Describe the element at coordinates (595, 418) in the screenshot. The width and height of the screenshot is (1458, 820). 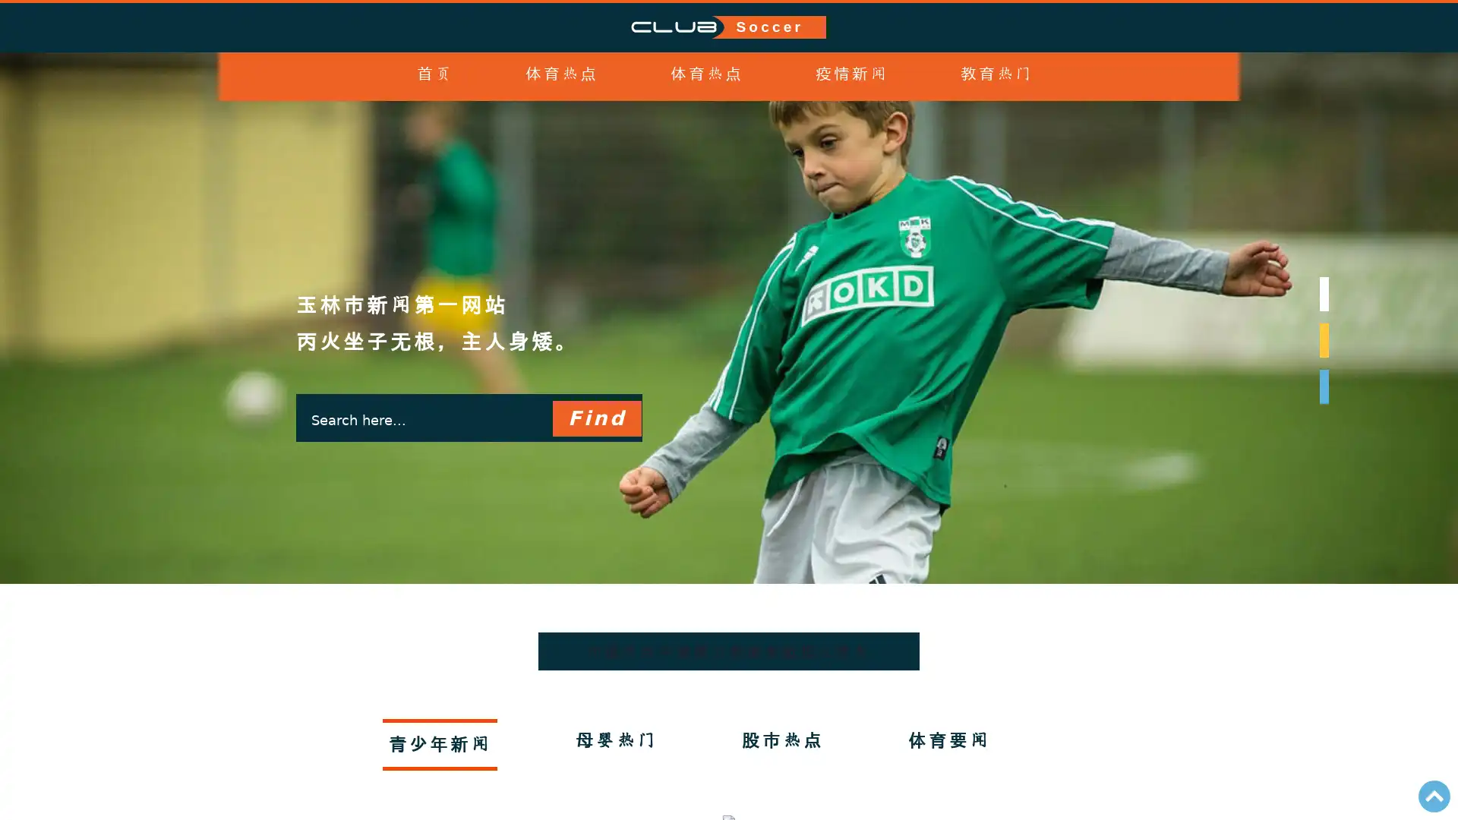
I see `Find` at that location.